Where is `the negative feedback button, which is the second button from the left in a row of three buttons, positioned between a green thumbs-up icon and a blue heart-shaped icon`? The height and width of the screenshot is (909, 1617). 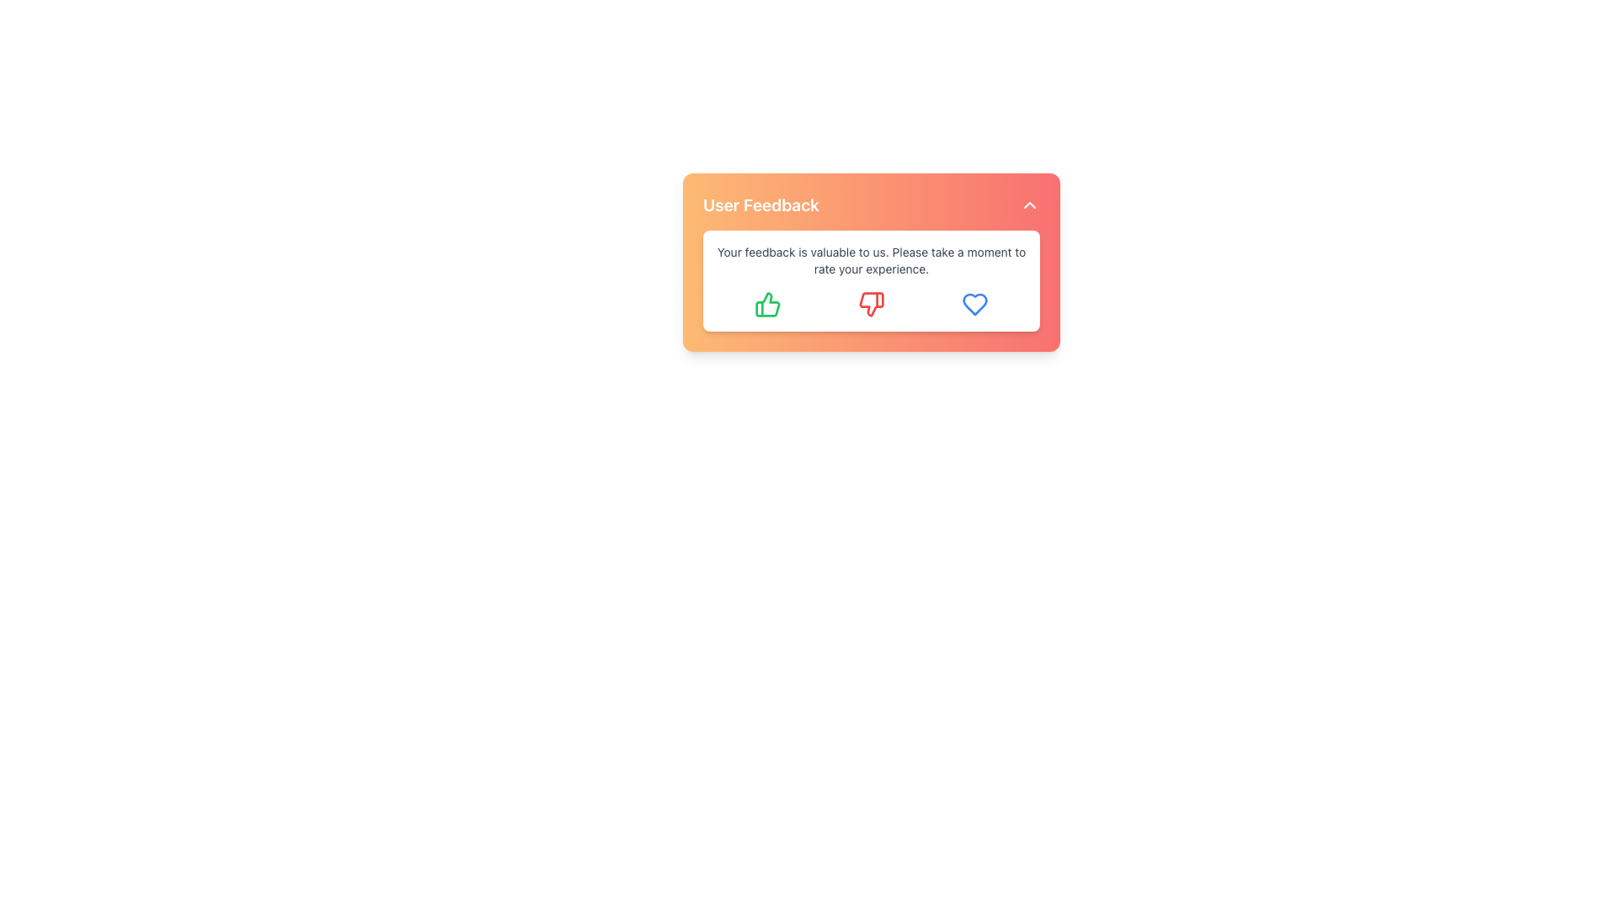
the negative feedback button, which is the second button from the left in a row of three buttons, positioned between a green thumbs-up icon and a blue heart-shaped icon is located at coordinates (872, 305).